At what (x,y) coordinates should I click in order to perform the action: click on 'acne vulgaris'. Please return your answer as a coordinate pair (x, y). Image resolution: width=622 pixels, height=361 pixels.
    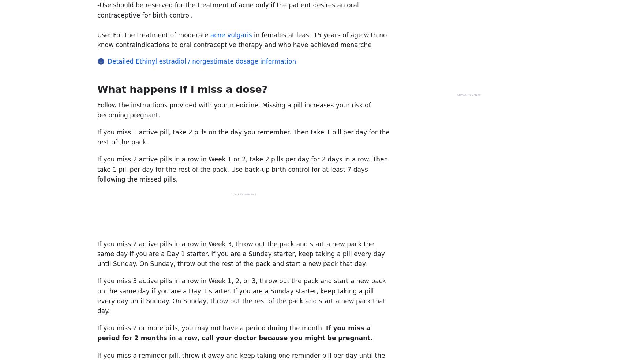
    Looking at the image, I should click on (231, 35).